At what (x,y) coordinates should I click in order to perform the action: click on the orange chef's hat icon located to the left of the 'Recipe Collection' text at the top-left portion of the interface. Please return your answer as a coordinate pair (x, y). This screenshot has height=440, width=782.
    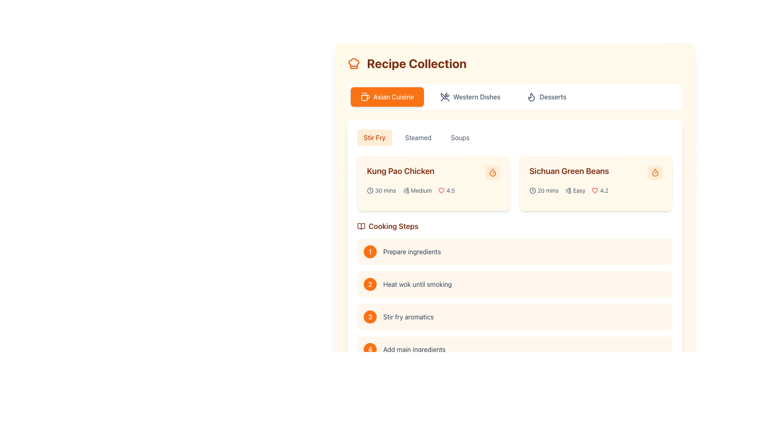
    Looking at the image, I should click on (354, 63).